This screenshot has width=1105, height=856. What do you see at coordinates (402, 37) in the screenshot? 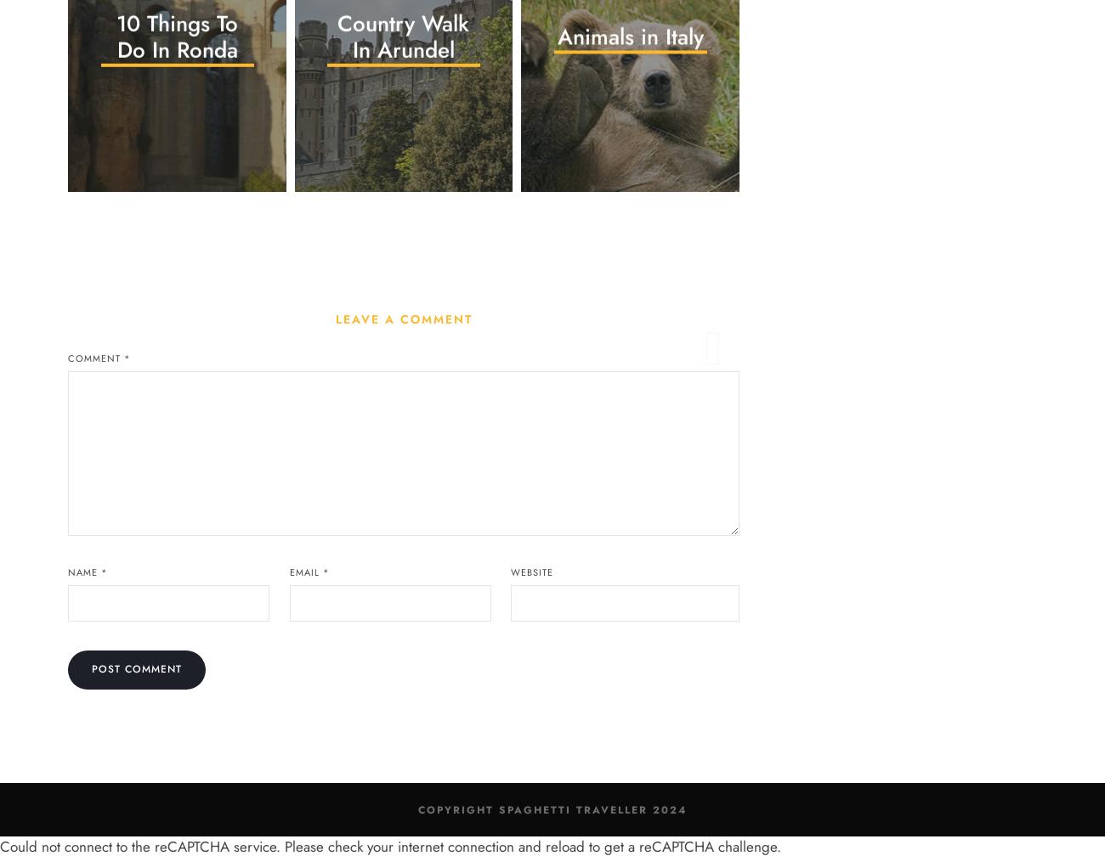
I see `'Country Walk In Arundel'` at bounding box center [402, 37].